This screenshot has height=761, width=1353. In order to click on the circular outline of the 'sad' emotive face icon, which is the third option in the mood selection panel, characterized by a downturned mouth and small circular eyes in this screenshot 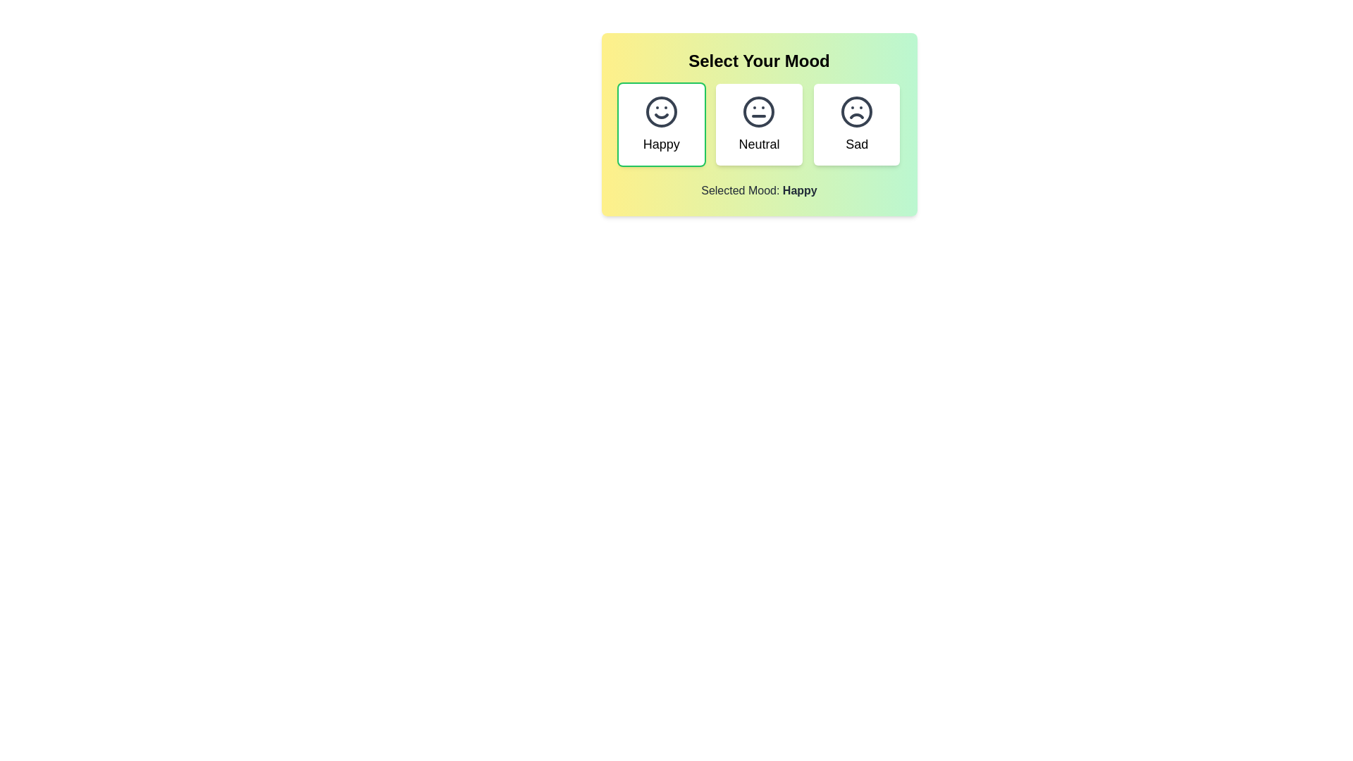, I will do `click(856, 111)`.